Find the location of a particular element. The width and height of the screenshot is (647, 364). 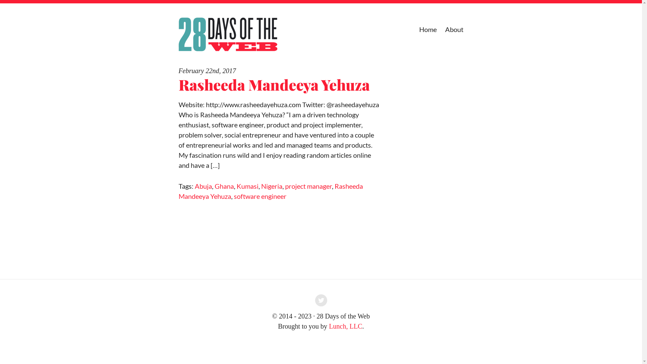

'About' is located at coordinates (454, 29).